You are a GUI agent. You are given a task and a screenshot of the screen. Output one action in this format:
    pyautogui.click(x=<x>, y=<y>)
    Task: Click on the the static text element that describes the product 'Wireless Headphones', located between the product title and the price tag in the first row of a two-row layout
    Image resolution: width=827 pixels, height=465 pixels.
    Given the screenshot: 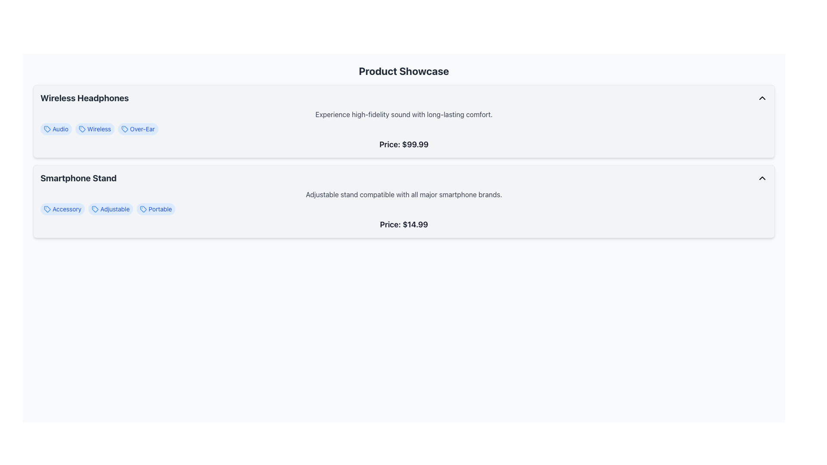 What is the action you would take?
    pyautogui.click(x=403, y=114)
    